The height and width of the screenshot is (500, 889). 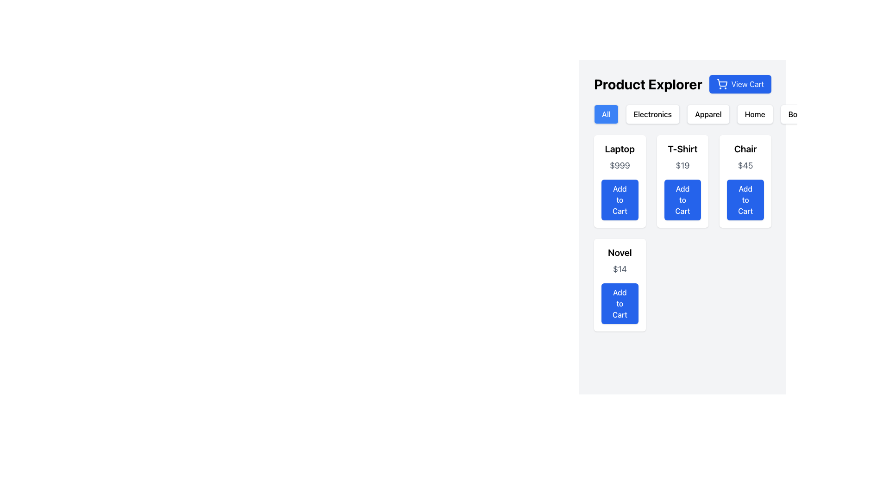 What do you see at coordinates (620, 269) in the screenshot?
I see `the price label displaying the cost of the item located directly underneath the text 'Novel' and above the 'Add to Cart' button` at bounding box center [620, 269].